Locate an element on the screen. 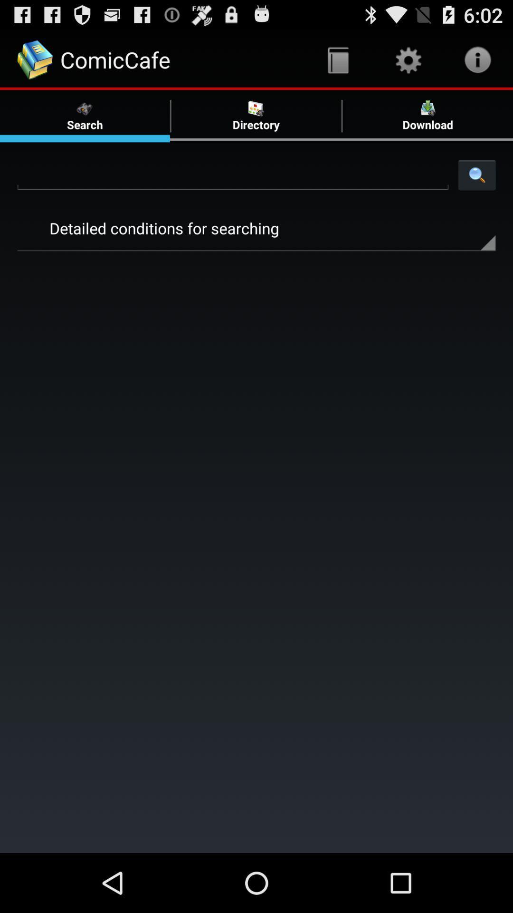 The image size is (513, 913). search option is located at coordinates (233, 175).